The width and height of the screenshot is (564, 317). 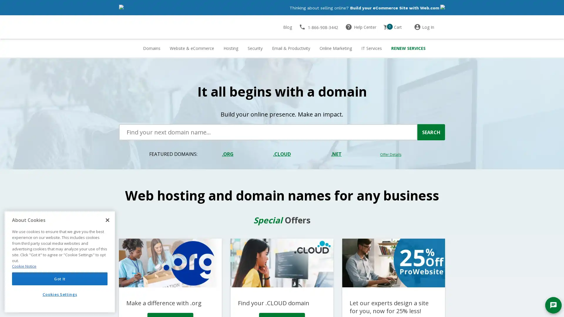 What do you see at coordinates (107, 220) in the screenshot?
I see `Close` at bounding box center [107, 220].